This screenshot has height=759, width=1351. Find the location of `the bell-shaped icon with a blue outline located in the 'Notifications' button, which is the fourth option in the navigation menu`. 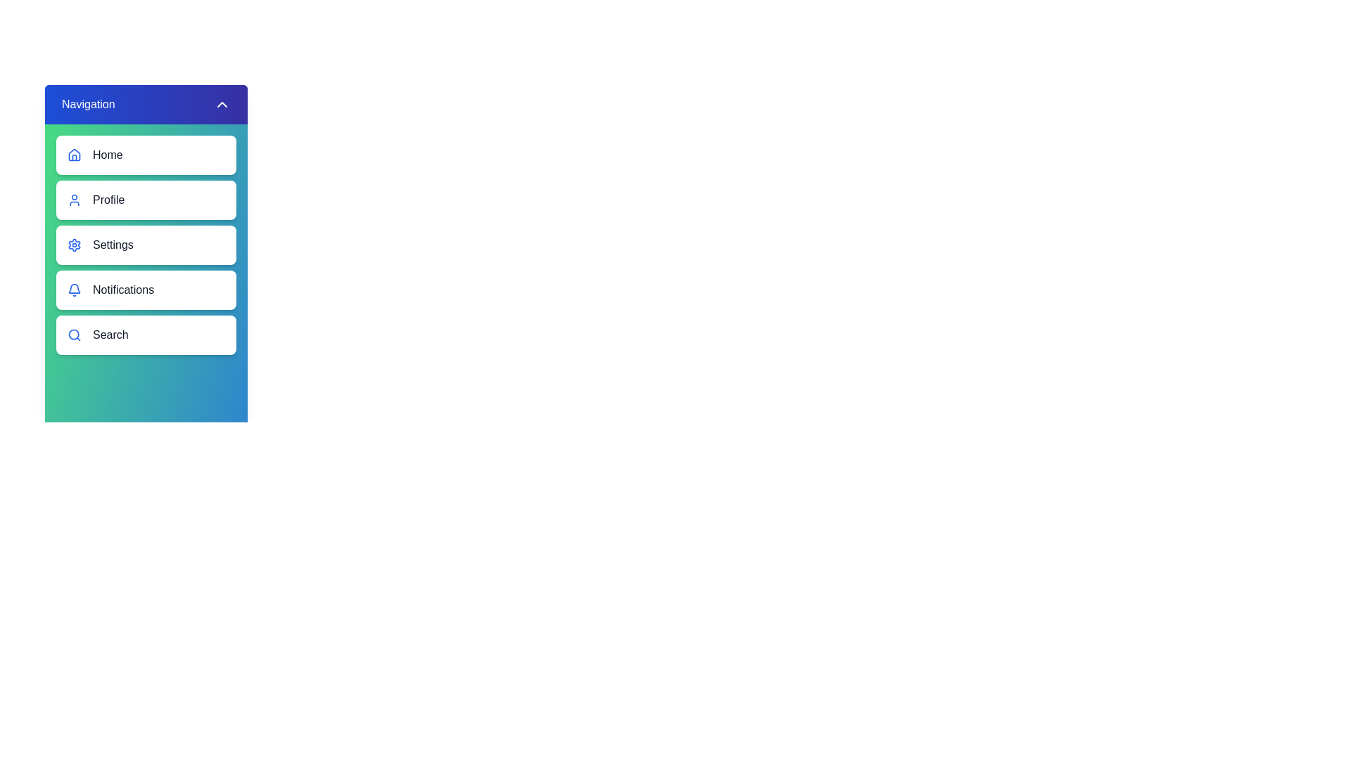

the bell-shaped icon with a blue outline located in the 'Notifications' button, which is the fourth option in the navigation menu is located at coordinates (73, 287).